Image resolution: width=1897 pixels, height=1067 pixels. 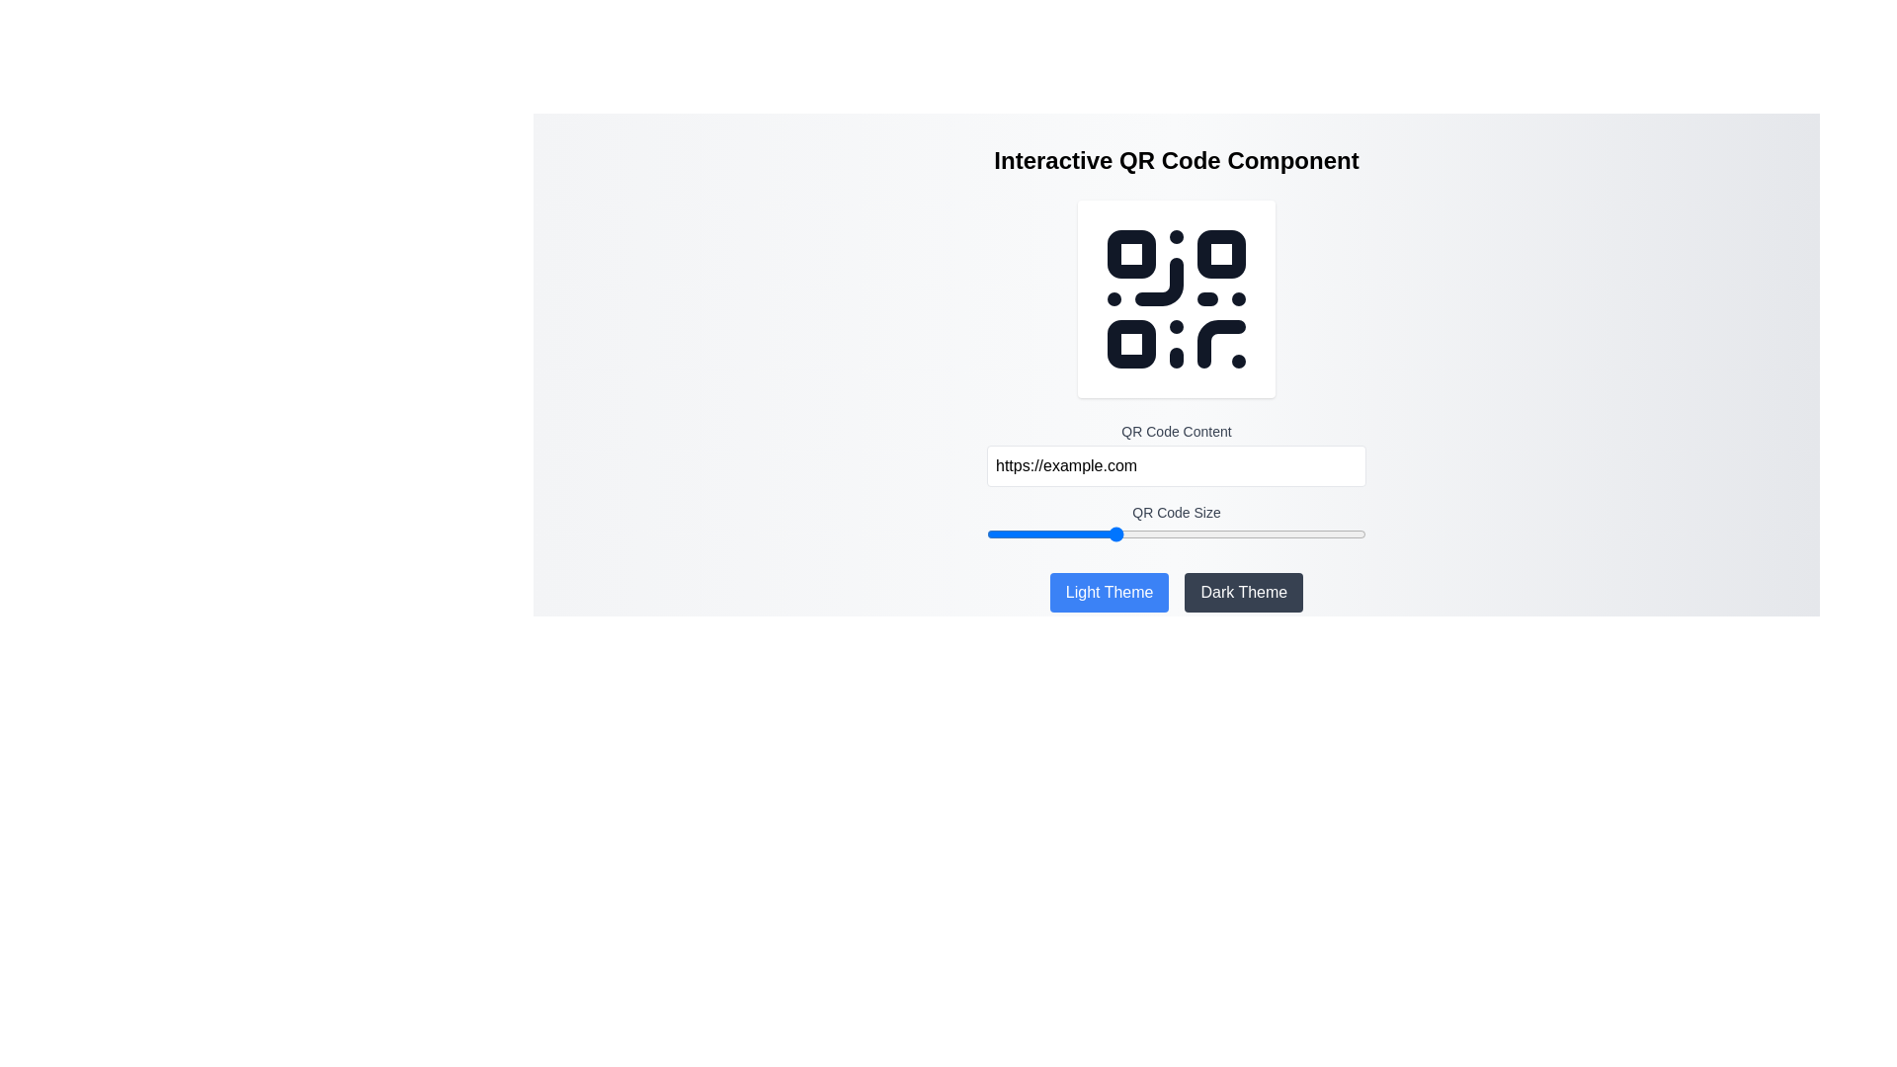 What do you see at coordinates (1243, 592) in the screenshot?
I see `the 'Dark Theme' button, which is a rectangular button with rounded corners, dark gray background, and white text, located to the right of the 'Light Theme' button in the lower-right area of the interface` at bounding box center [1243, 592].